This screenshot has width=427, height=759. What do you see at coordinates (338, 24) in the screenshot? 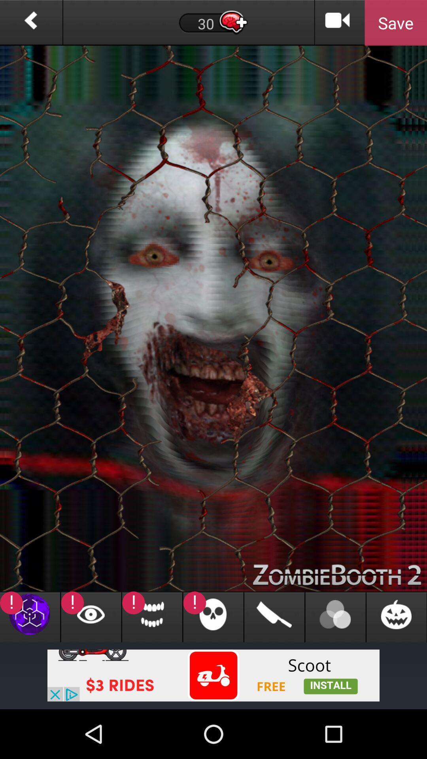
I see `the videocam icon` at bounding box center [338, 24].